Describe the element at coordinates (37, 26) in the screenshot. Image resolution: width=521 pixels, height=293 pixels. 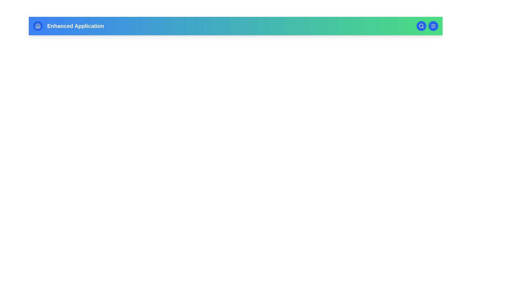
I see `the home navigation icon within the circular blue button on the far left of the header bar` at that location.